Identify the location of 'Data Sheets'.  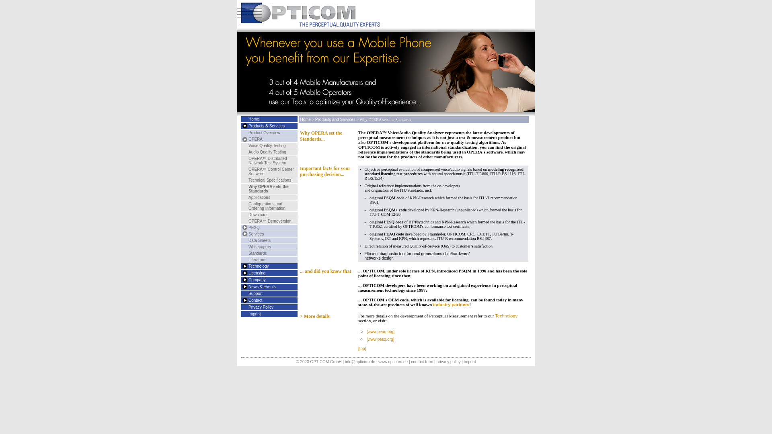
(259, 240).